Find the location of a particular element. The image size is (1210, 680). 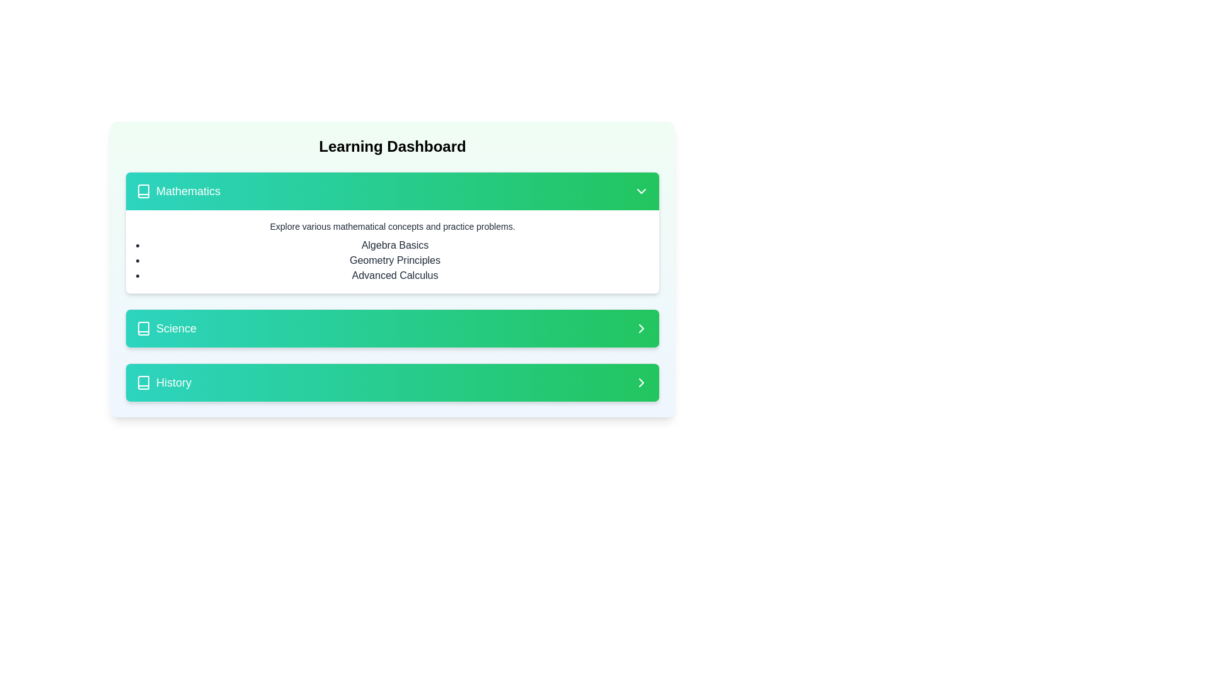

the Dropdown indicator icon located on the rightmost side of the 'Mathematics' section header is located at coordinates (641, 191).